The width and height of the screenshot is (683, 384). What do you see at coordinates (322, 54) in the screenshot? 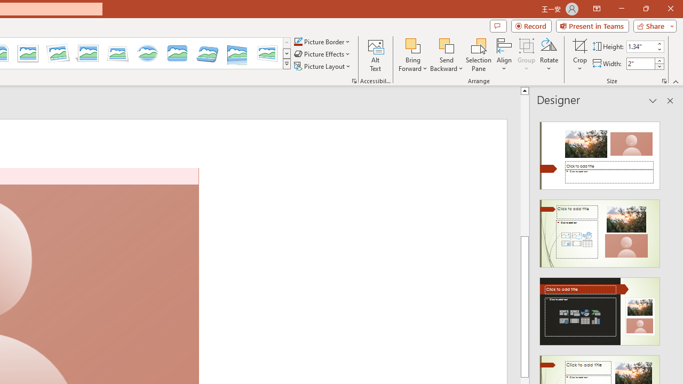
I see `'Picture Effects'` at bounding box center [322, 54].